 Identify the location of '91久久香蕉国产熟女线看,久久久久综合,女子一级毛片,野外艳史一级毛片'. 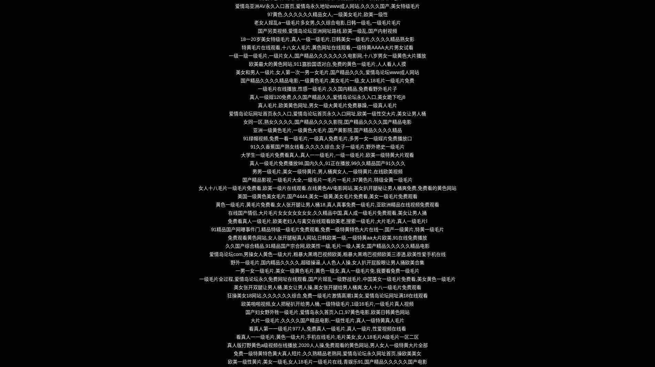
(327, 146).